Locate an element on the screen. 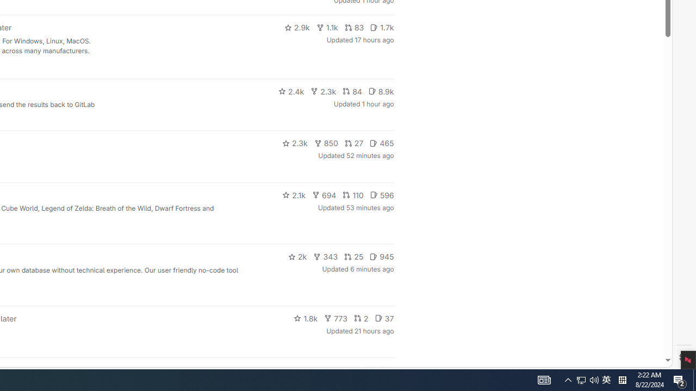  '1.7k' is located at coordinates (382, 27).